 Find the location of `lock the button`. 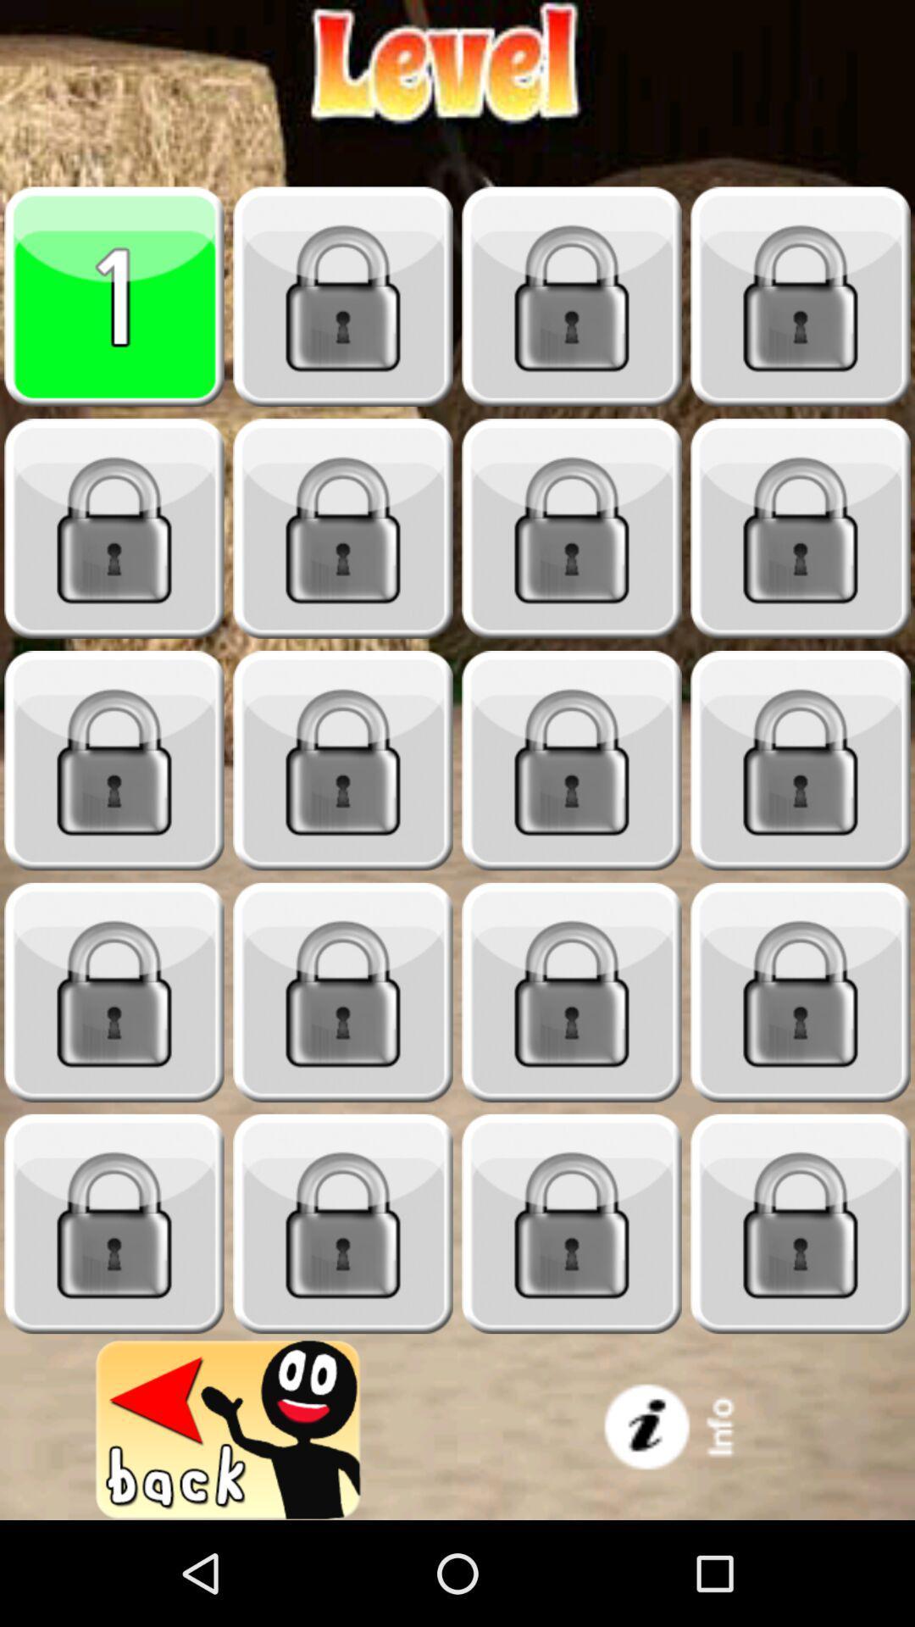

lock the button is located at coordinates (801, 992).